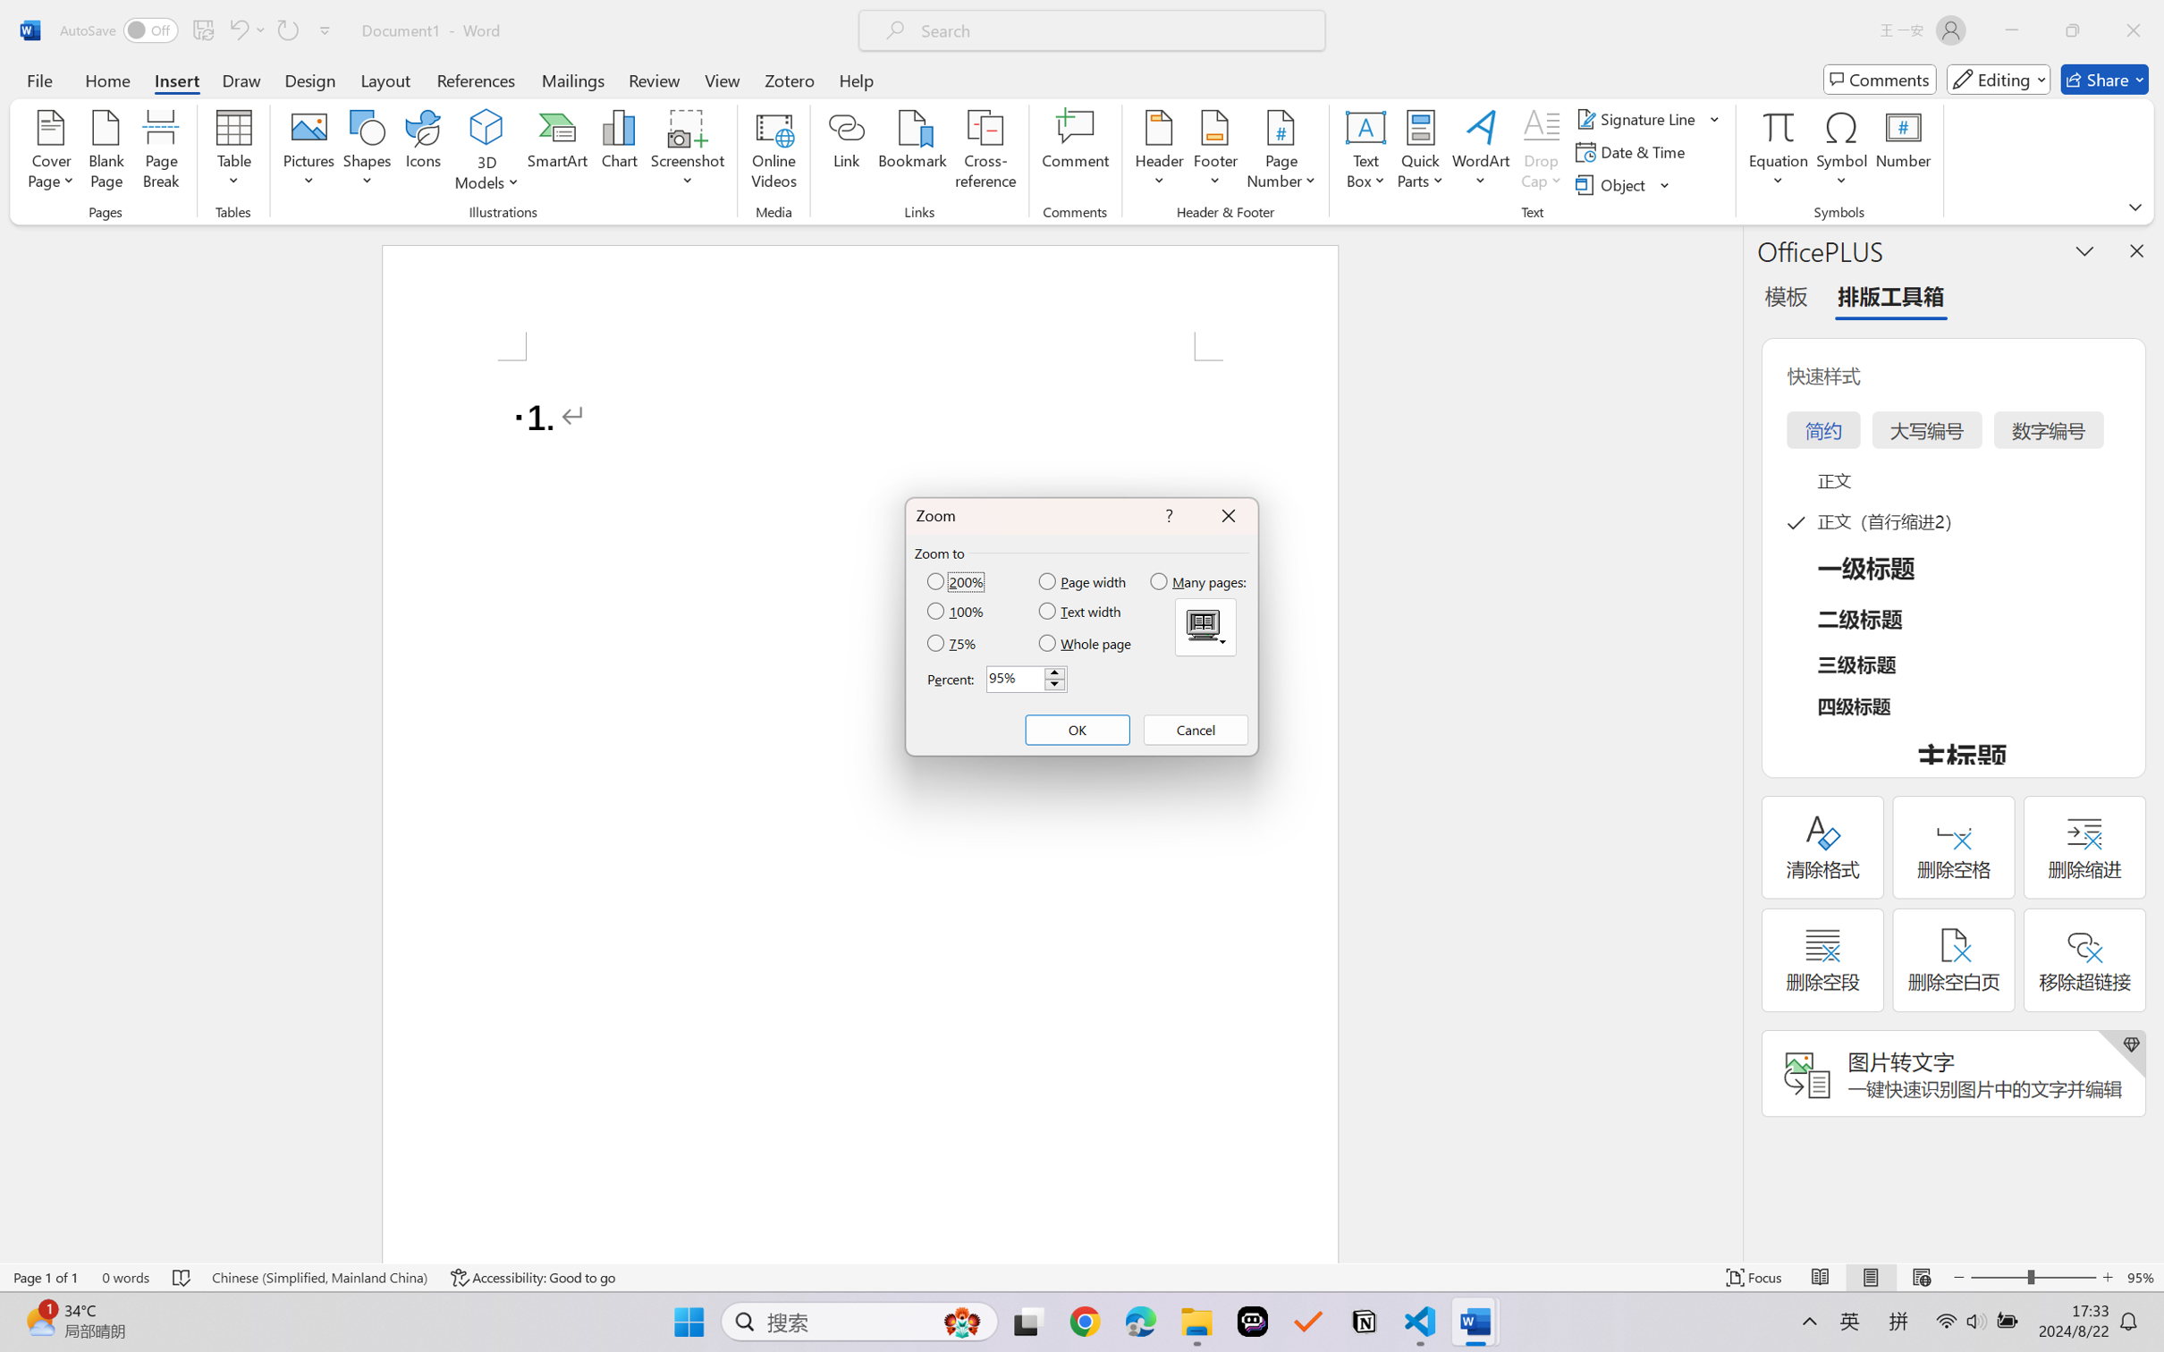 The height and width of the screenshot is (1352, 2164). I want to click on 'Cancel', so click(1196, 730).